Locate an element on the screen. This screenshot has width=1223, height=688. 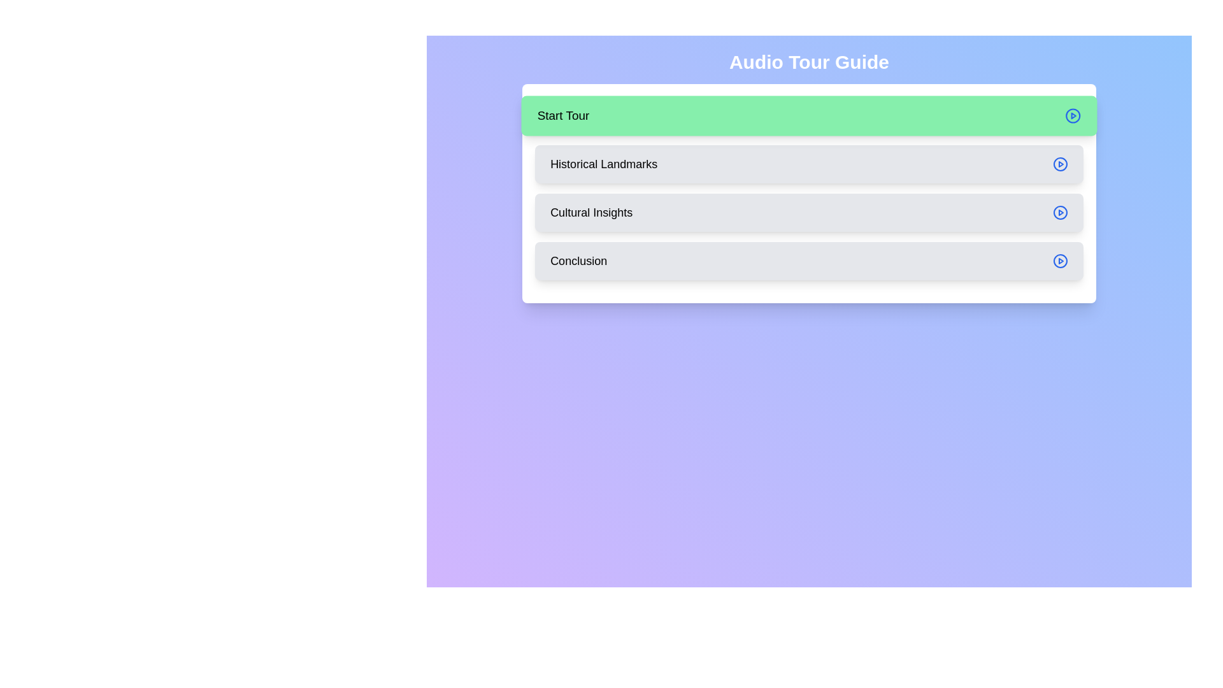
the Start Tour step in the audio tour is located at coordinates (808, 115).